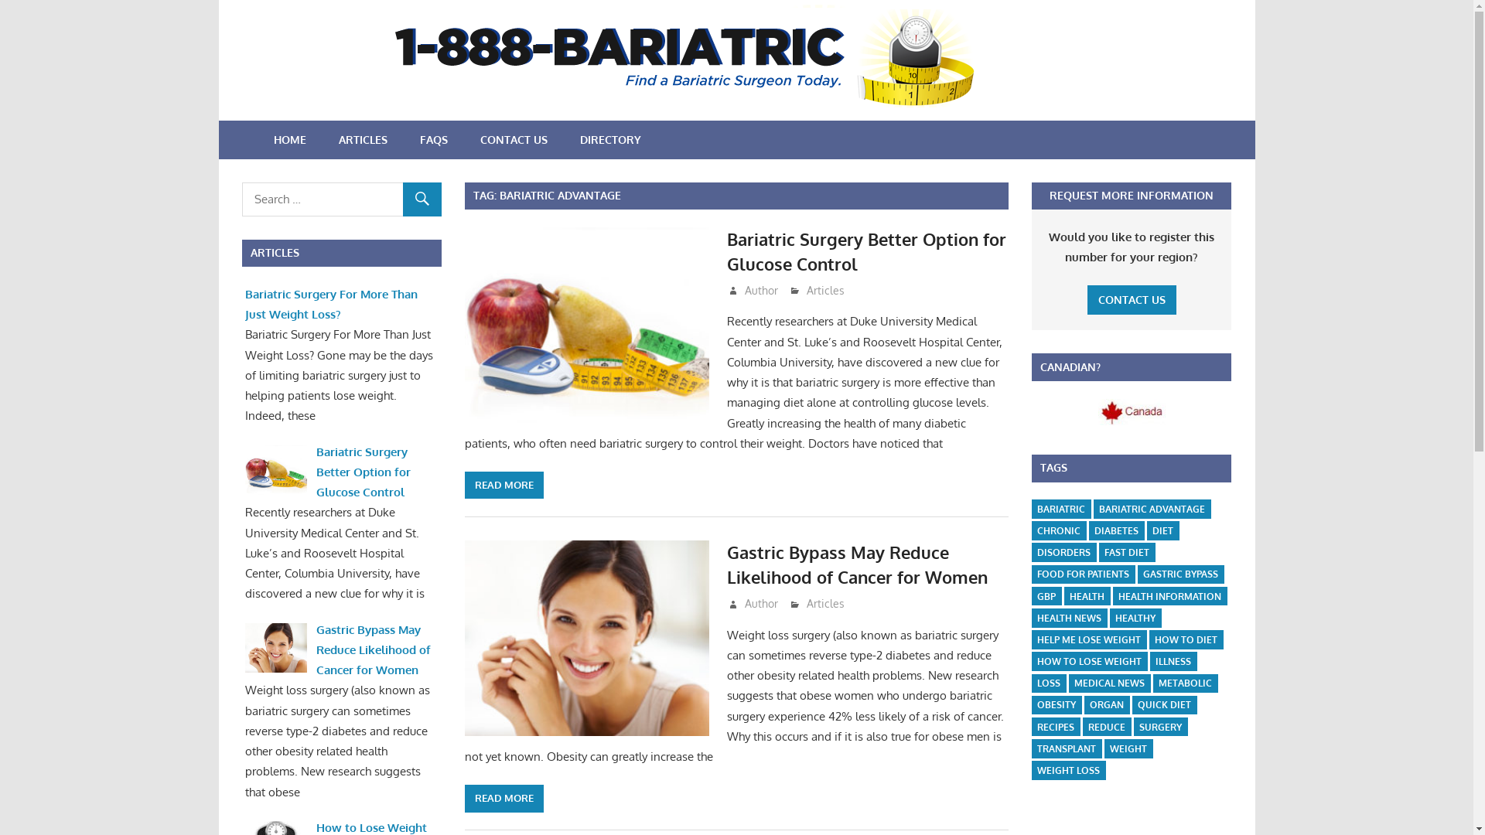 Image resolution: width=1485 pixels, height=835 pixels. What do you see at coordinates (514, 140) in the screenshot?
I see `'CONTACT US'` at bounding box center [514, 140].